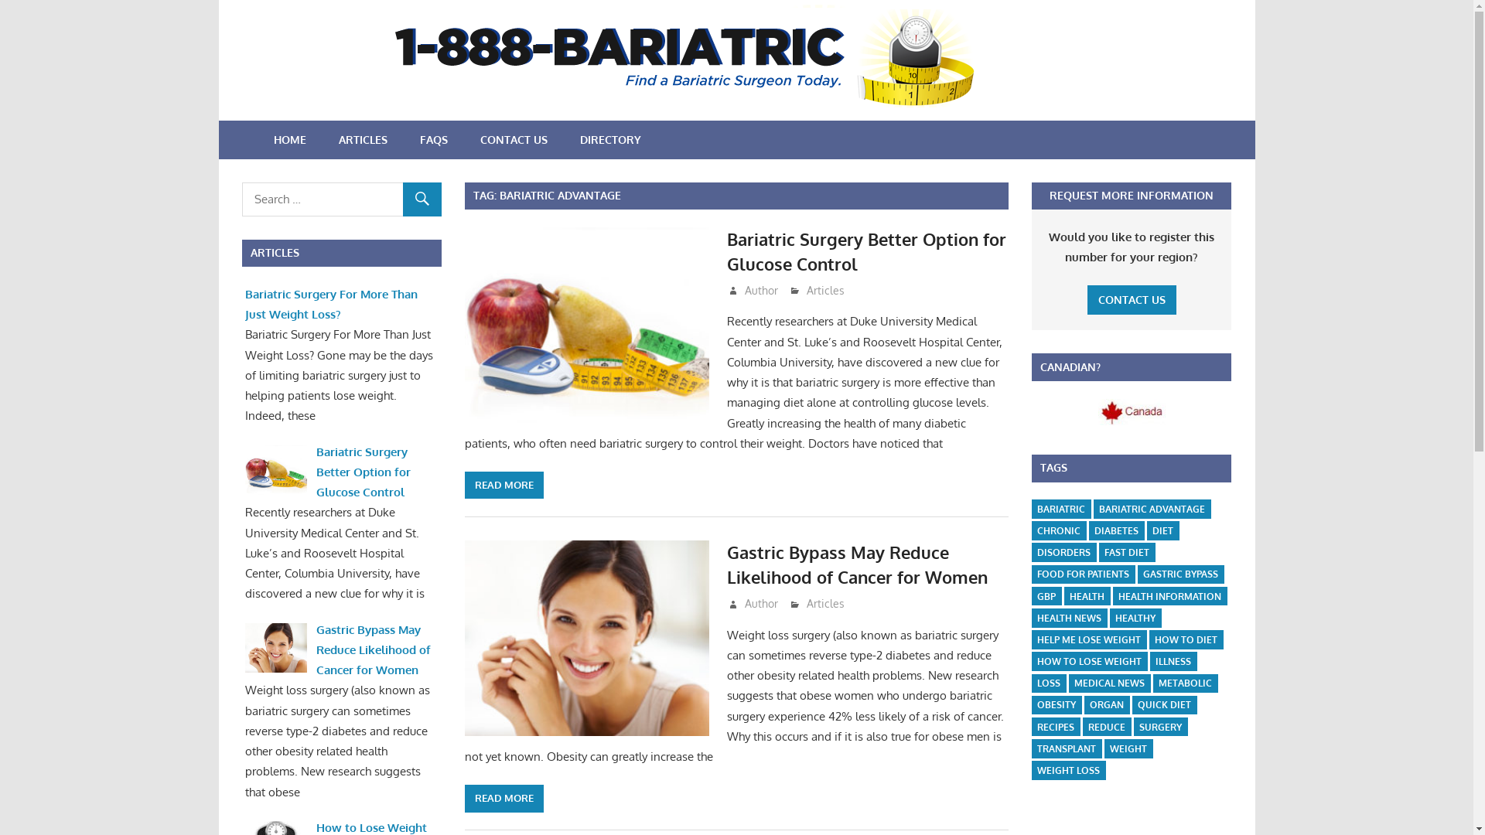 Image resolution: width=1485 pixels, height=835 pixels. What do you see at coordinates (514, 140) in the screenshot?
I see `'CONTACT US'` at bounding box center [514, 140].